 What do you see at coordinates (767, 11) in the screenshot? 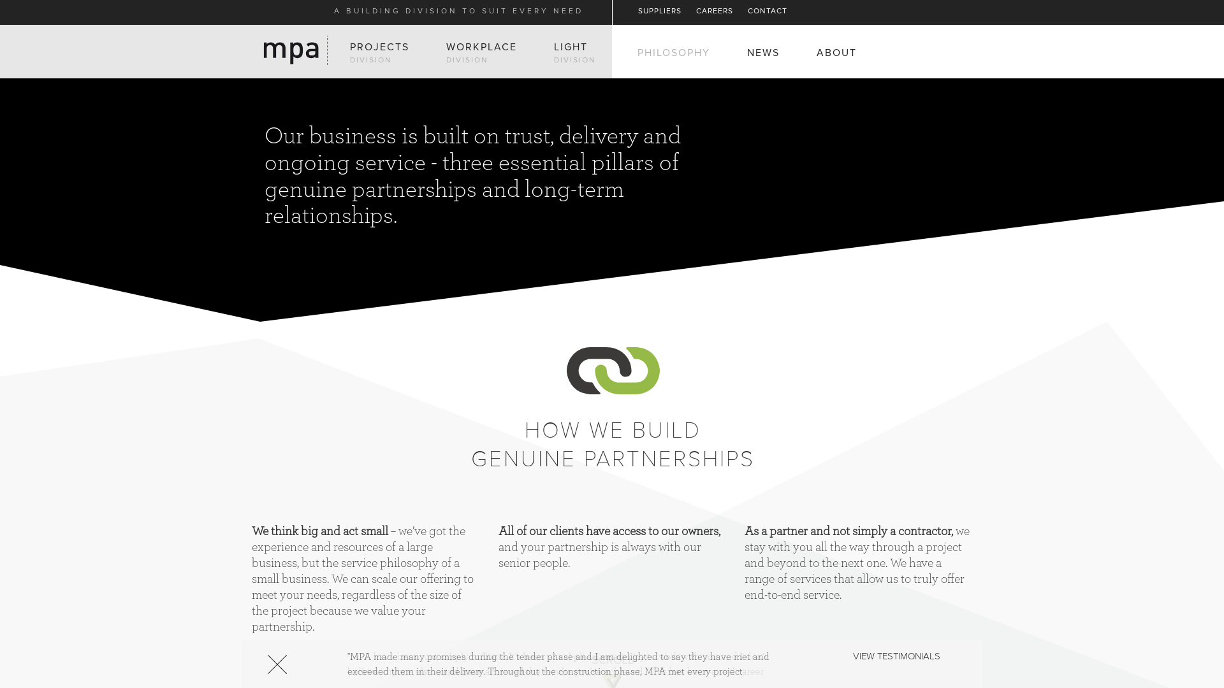
I see `'CONTACT'` at bounding box center [767, 11].